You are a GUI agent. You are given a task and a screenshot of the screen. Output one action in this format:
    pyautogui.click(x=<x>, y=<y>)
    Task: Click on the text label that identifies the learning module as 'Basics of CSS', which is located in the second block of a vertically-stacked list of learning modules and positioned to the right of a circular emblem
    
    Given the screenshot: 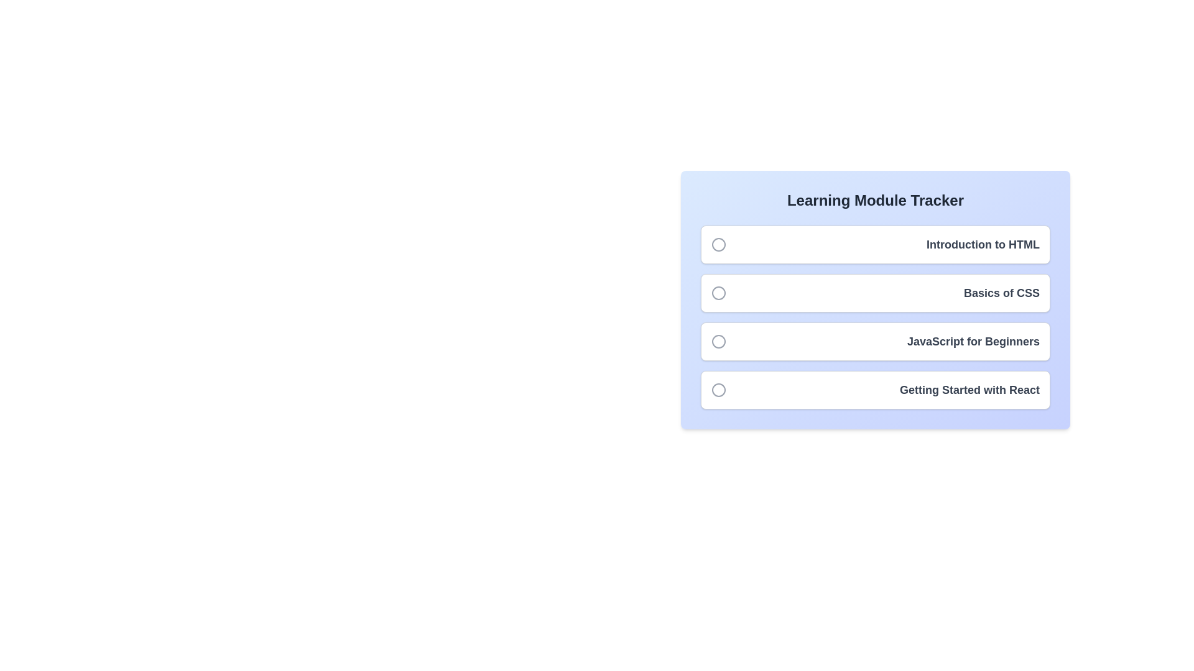 What is the action you would take?
    pyautogui.click(x=1002, y=293)
    